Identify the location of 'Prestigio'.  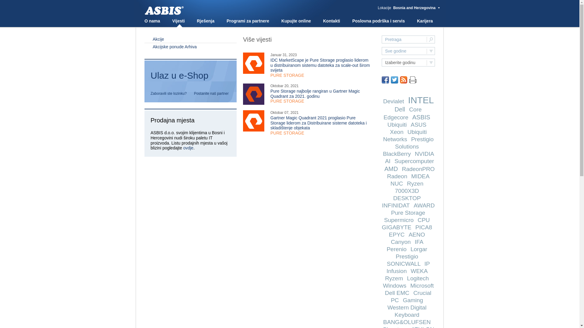
(407, 256).